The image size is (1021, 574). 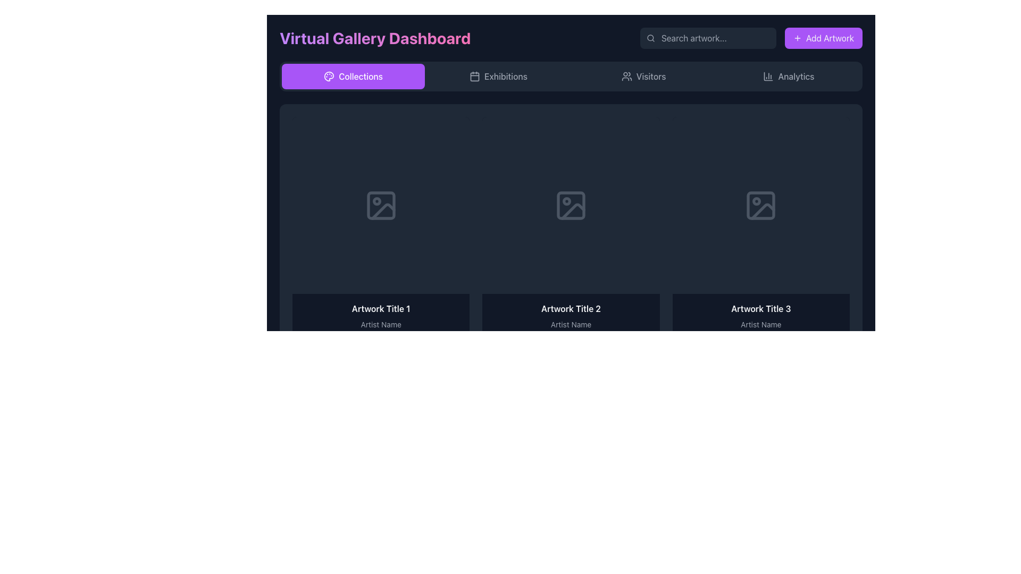 I want to click on the circular indicator icon located in the first image placeholder from the left in the dashboard's main gallery, so click(x=376, y=201).